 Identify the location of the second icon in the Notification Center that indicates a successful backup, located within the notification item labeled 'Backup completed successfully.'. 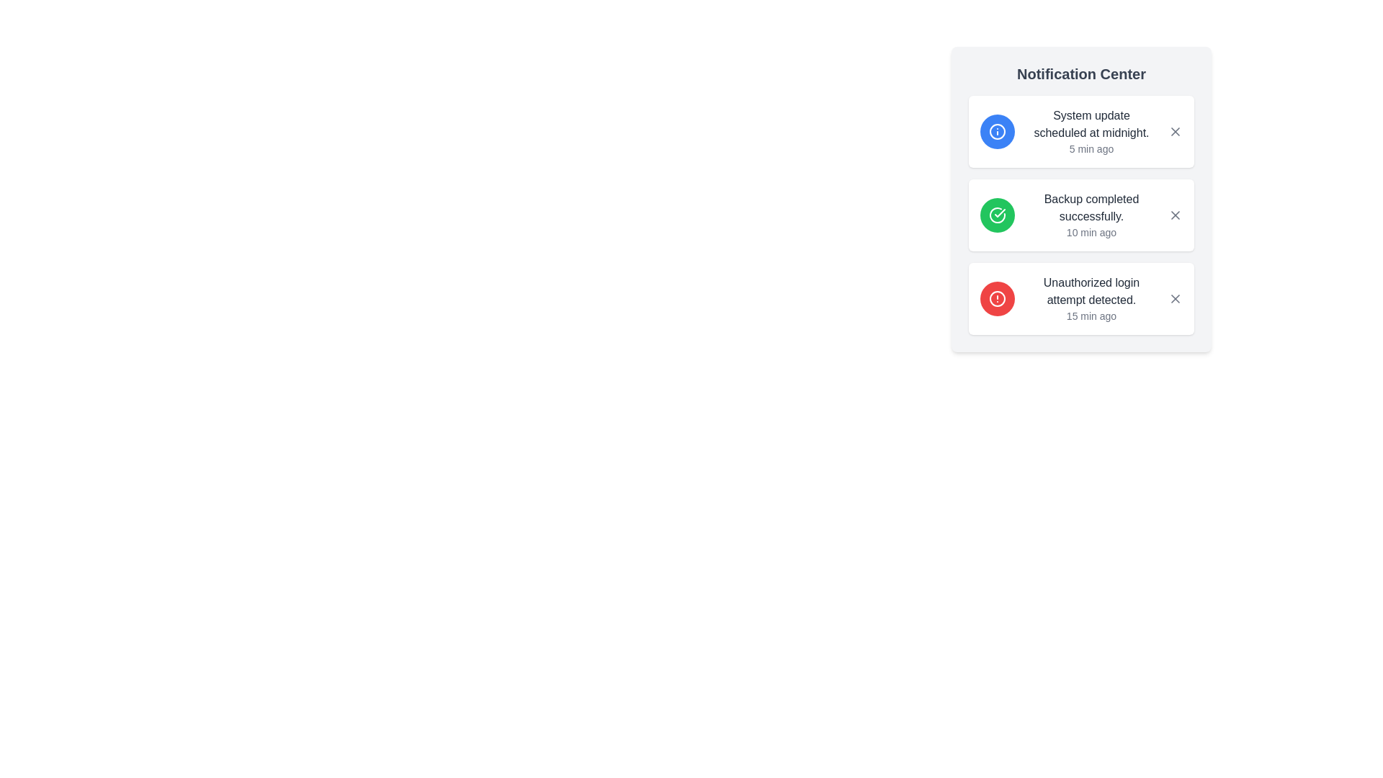
(997, 215).